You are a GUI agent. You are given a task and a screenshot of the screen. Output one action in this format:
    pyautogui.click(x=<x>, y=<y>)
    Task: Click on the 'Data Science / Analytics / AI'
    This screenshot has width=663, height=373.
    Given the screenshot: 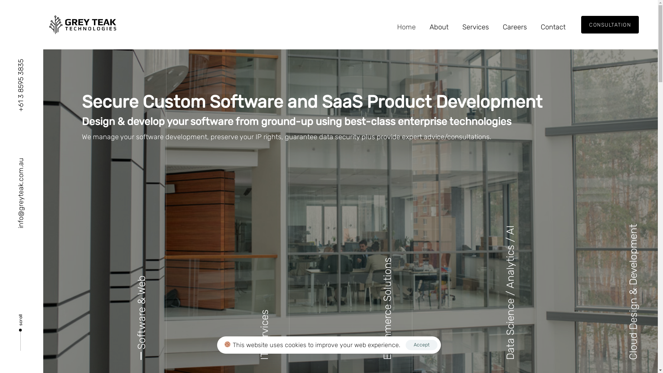 What is the action you would take?
    pyautogui.click(x=510, y=293)
    